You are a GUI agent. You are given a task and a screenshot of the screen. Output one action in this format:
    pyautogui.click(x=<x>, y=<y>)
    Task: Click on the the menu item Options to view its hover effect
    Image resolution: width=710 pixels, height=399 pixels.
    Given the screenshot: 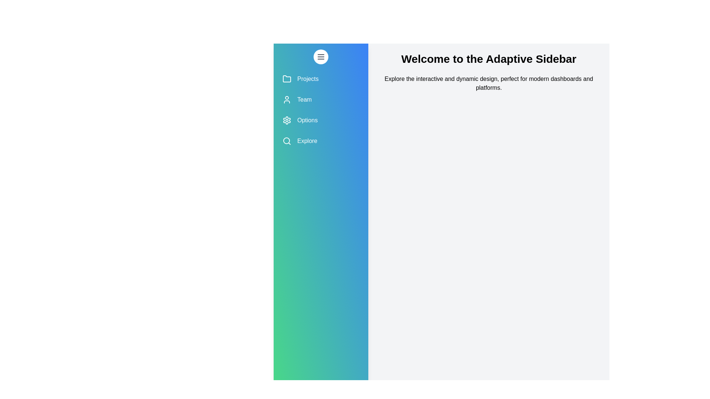 What is the action you would take?
    pyautogui.click(x=321, y=120)
    